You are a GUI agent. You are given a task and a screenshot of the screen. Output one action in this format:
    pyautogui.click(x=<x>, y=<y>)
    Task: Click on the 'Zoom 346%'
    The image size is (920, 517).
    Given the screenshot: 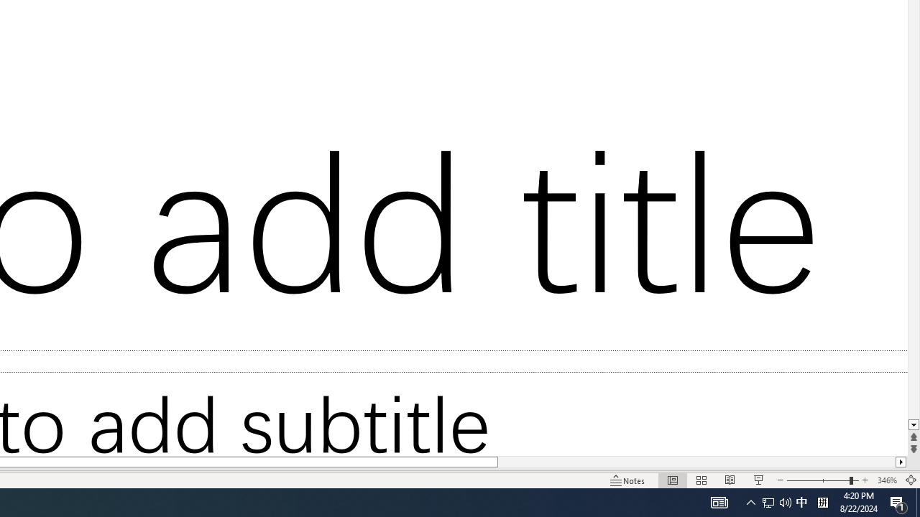 What is the action you would take?
    pyautogui.click(x=886, y=480)
    